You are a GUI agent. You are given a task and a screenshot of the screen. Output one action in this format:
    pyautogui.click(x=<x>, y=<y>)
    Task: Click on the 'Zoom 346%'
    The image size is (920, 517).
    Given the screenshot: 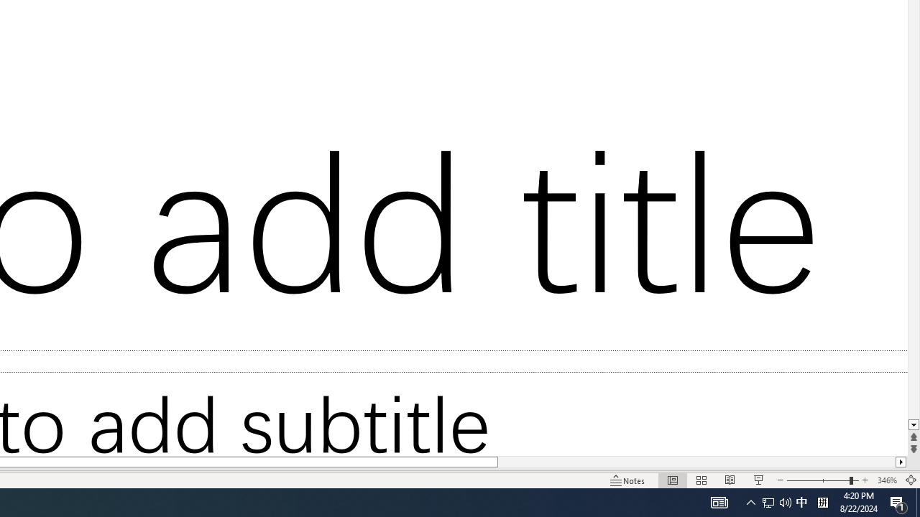 What is the action you would take?
    pyautogui.click(x=886, y=480)
    